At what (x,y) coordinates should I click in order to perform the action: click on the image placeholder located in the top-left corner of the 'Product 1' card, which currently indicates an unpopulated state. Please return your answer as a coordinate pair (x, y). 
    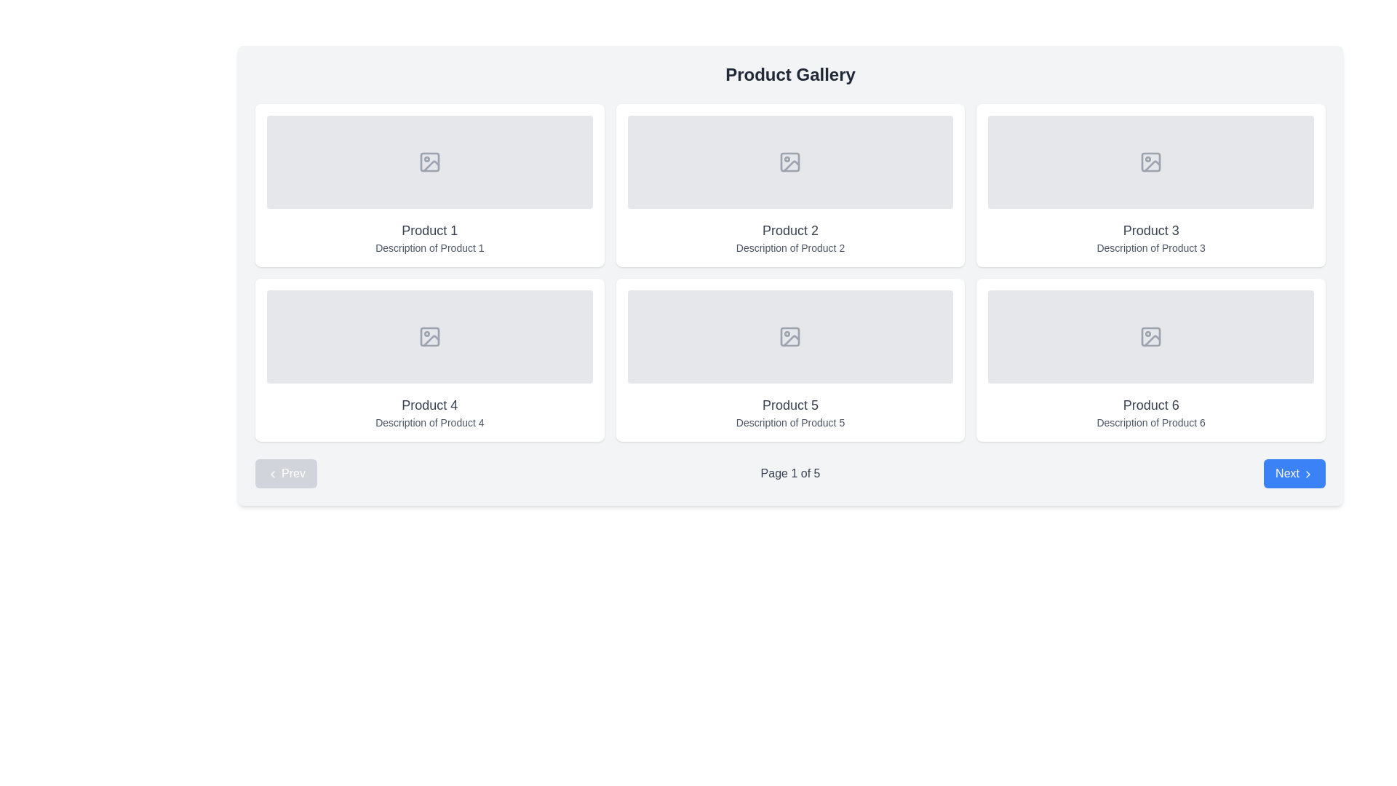
    Looking at the image, I should click on (429, 162).